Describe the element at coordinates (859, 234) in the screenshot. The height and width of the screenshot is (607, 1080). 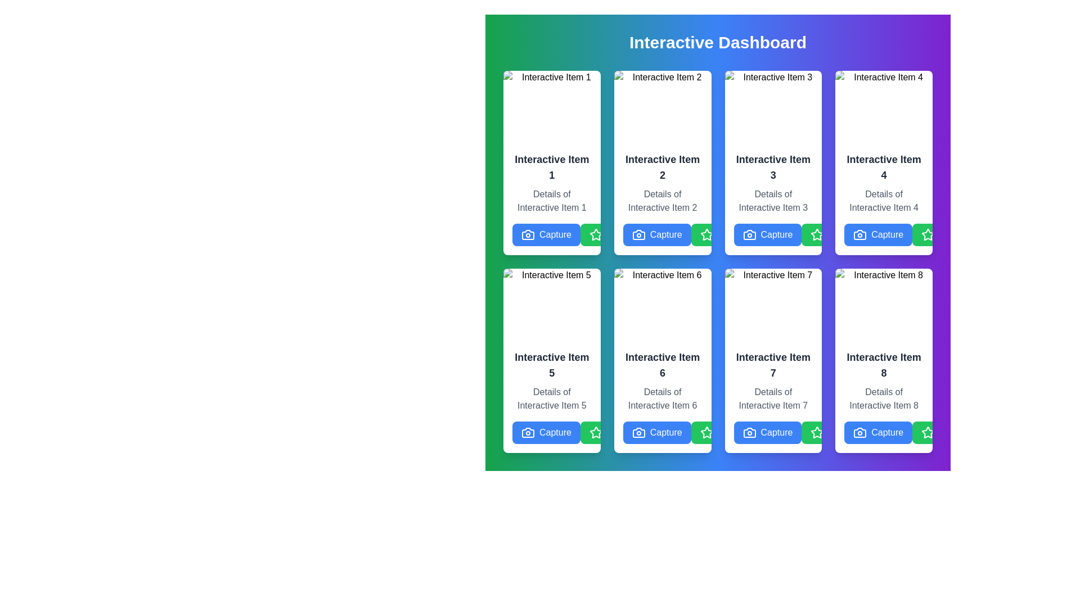
I see `the 'Capture' button located in the bottom-right corner of the button grid, which contains the icon symbolizing the action of capturing` at that location.